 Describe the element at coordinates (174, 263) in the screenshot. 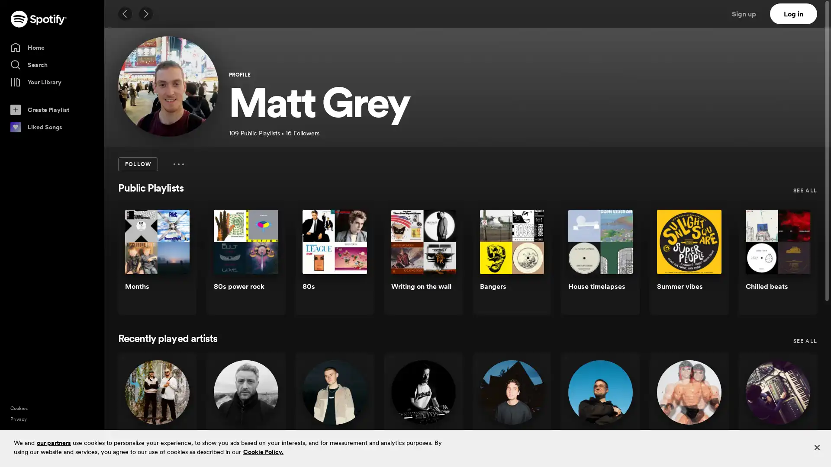

I see `Play Months` at that location.